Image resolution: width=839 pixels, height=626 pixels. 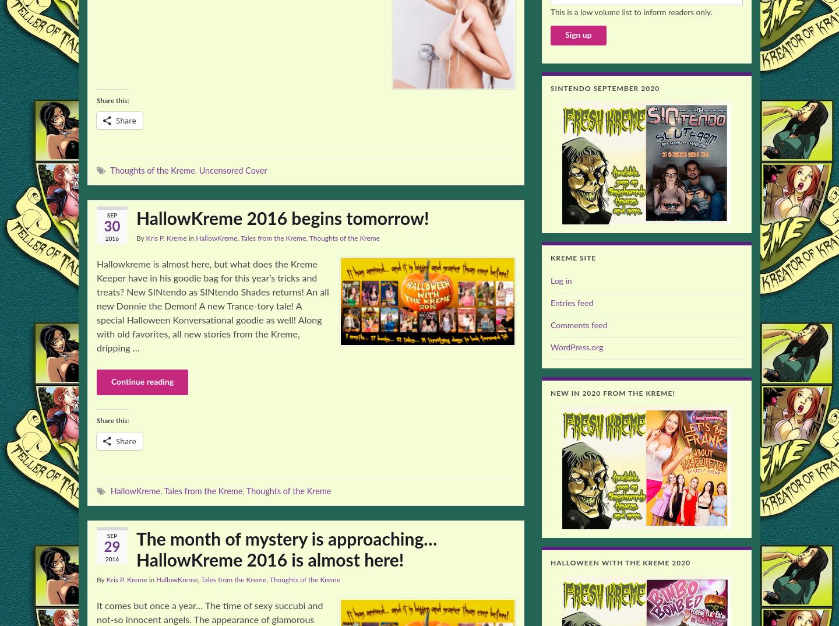 I want to click on 'Entries feed', so click(x=571, y=303).